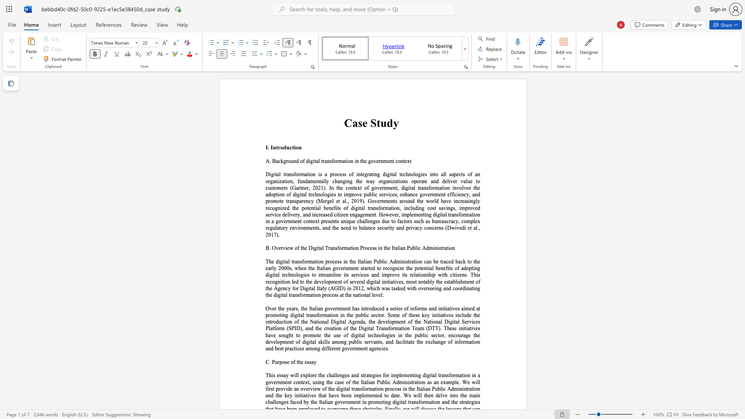 This screenshot has width=745, height=419. Describe the element at coordinates (415, 194) in the screenshot. I see `the subset text "e government efficiency, and promote transparency (Mer" within the text "and deliver value to customers (Gartner, 2021). In the context of government, digital transformation involves the adoption of digital technologies to improve public services, enhance government efficiency, and promote transparency (Mergel et al., 2019). Governments around the world have increasingly recognized the potential benefits of digital tran"` at that location.